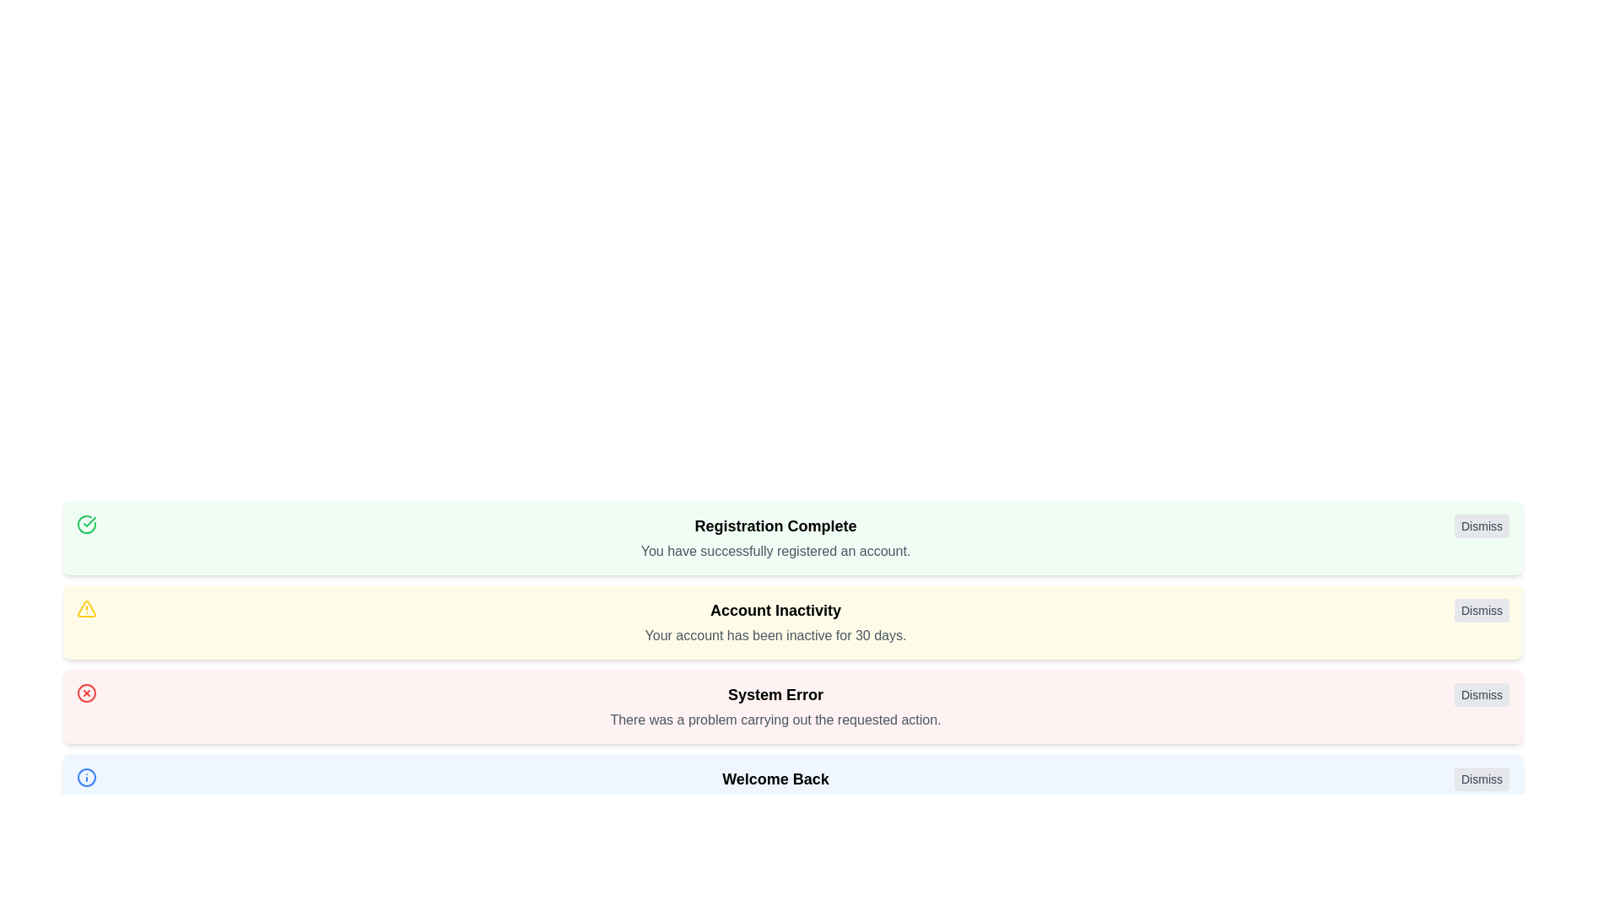 Image resolution: width=1620 pixels, height=911 pixels. Describe the element at coordinates (792, 790) in the screenshot. I see `information presented in the fourth notification about new features, which includes a dismissible 'Dismiss' button for closing the notification` at that location.